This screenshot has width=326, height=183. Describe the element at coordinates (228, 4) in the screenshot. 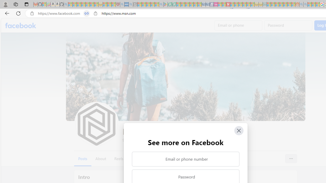

I see `'Latest Politics News & Archive | Newsweek.com - Sleeping'` at that location.